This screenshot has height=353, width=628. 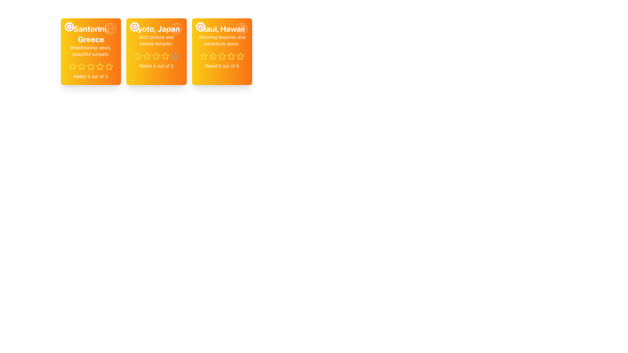 I want to click on the third star icon representing a rating value in the five-star rating system within the 'Santorini, Greece' card located at the top-left of the grid layout, so click(x=91, y=66).